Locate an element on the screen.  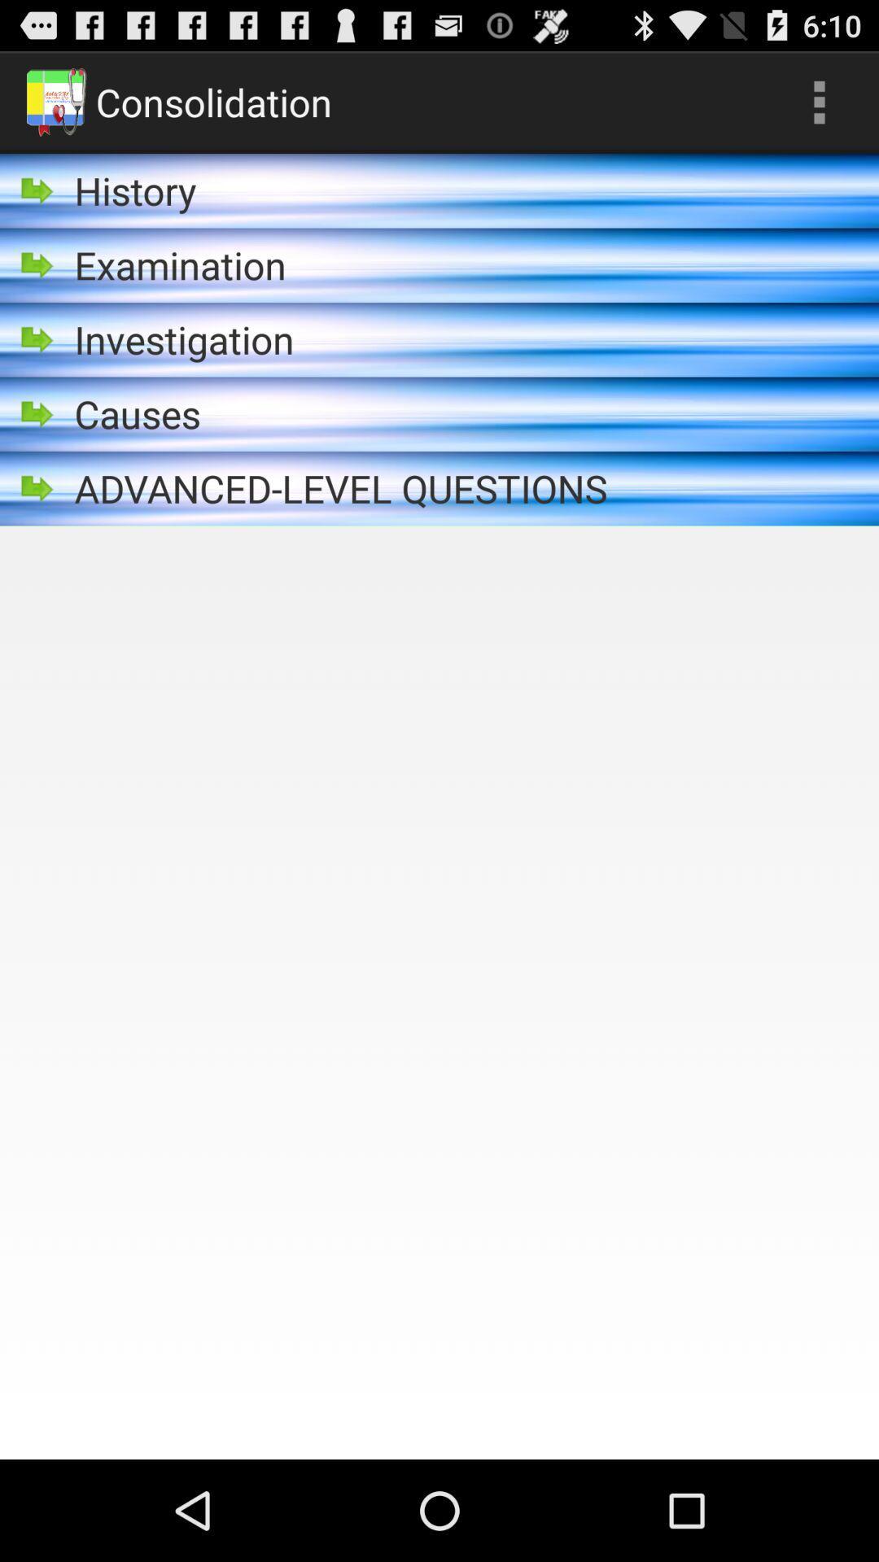
the app next to consolidation is located at coordinates (819, 101).